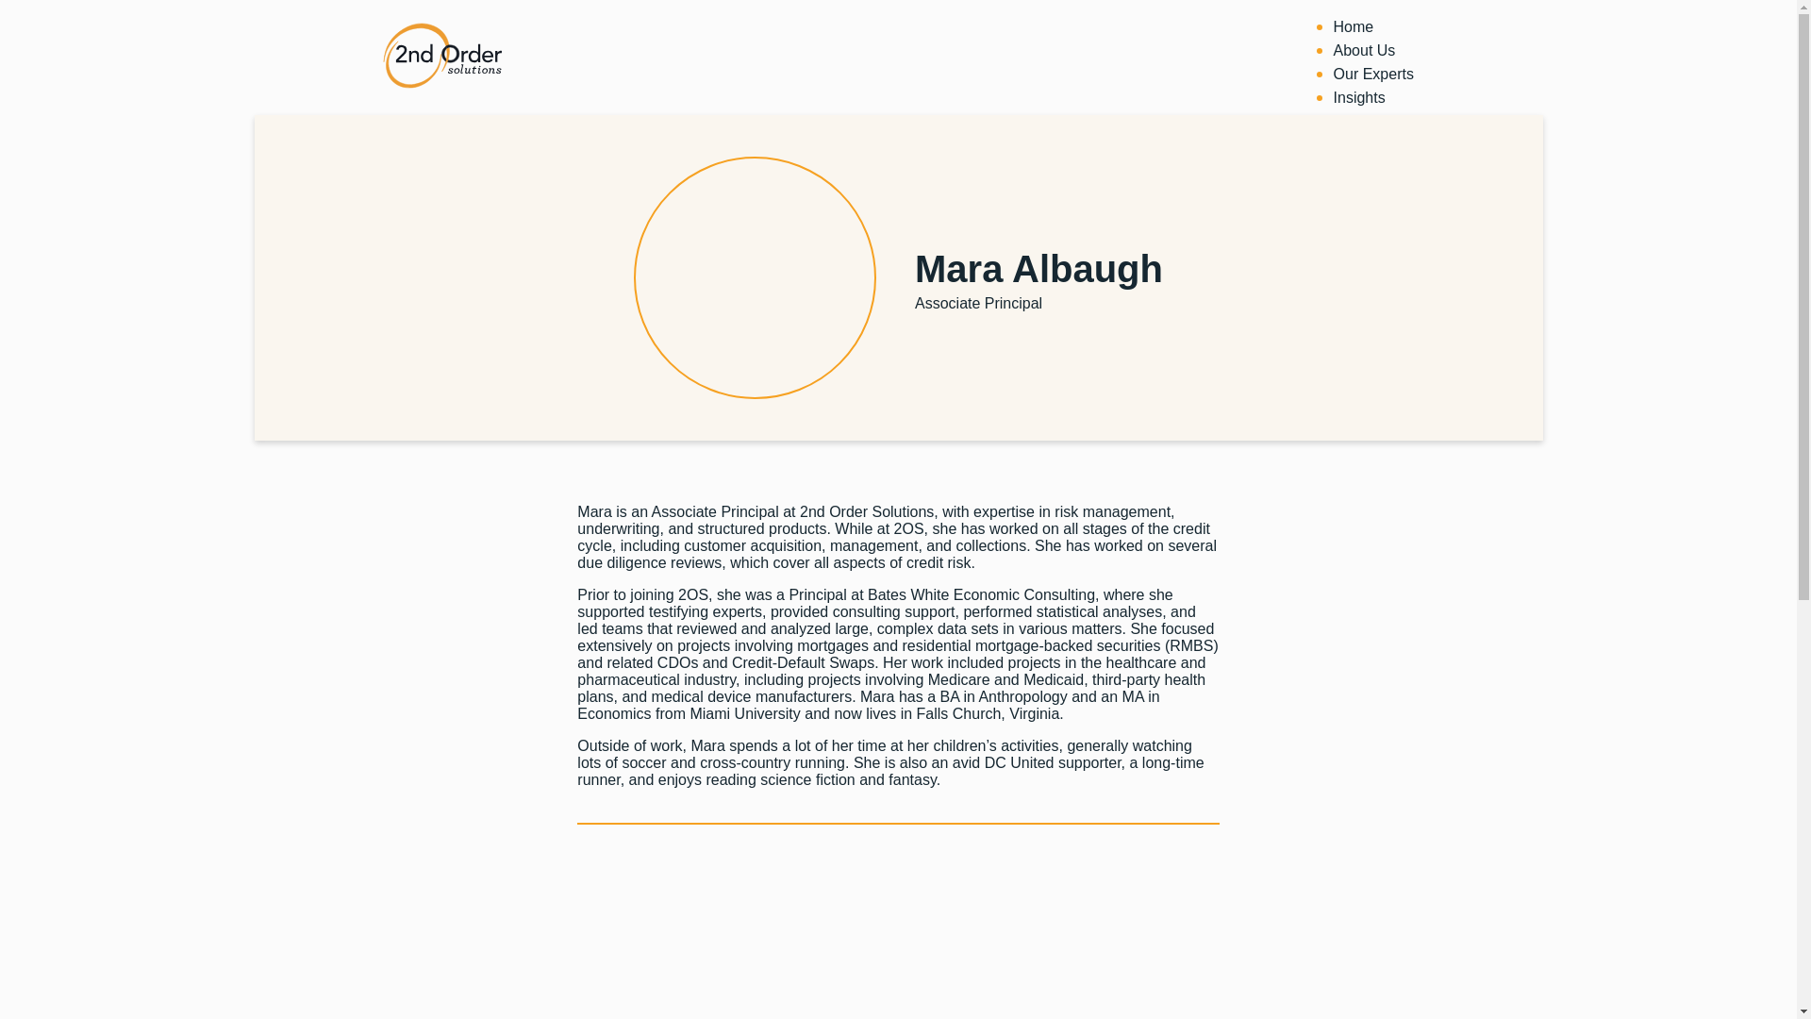 Image resolution: width=1811 pixels, height=1019 pixels. Describe the element at coordinates (1360, 121) in the screenshot. I see `'Careers'` at that location.